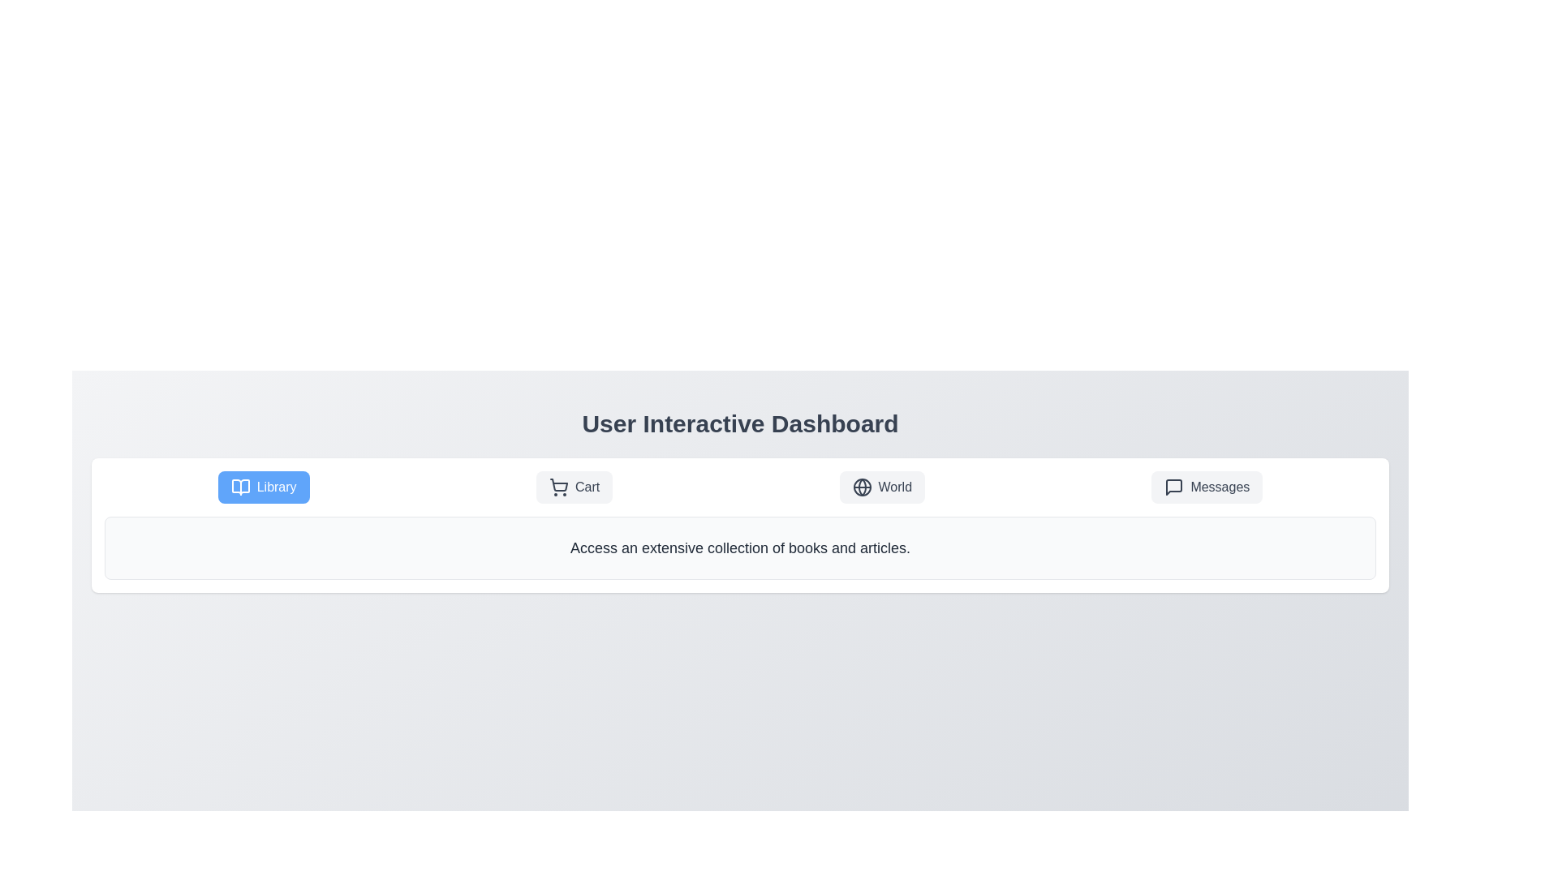  Describe the element at coordinates (264, 487) in the screenshot. I see `the Library tab by clicking on its corresponding button` at that location.